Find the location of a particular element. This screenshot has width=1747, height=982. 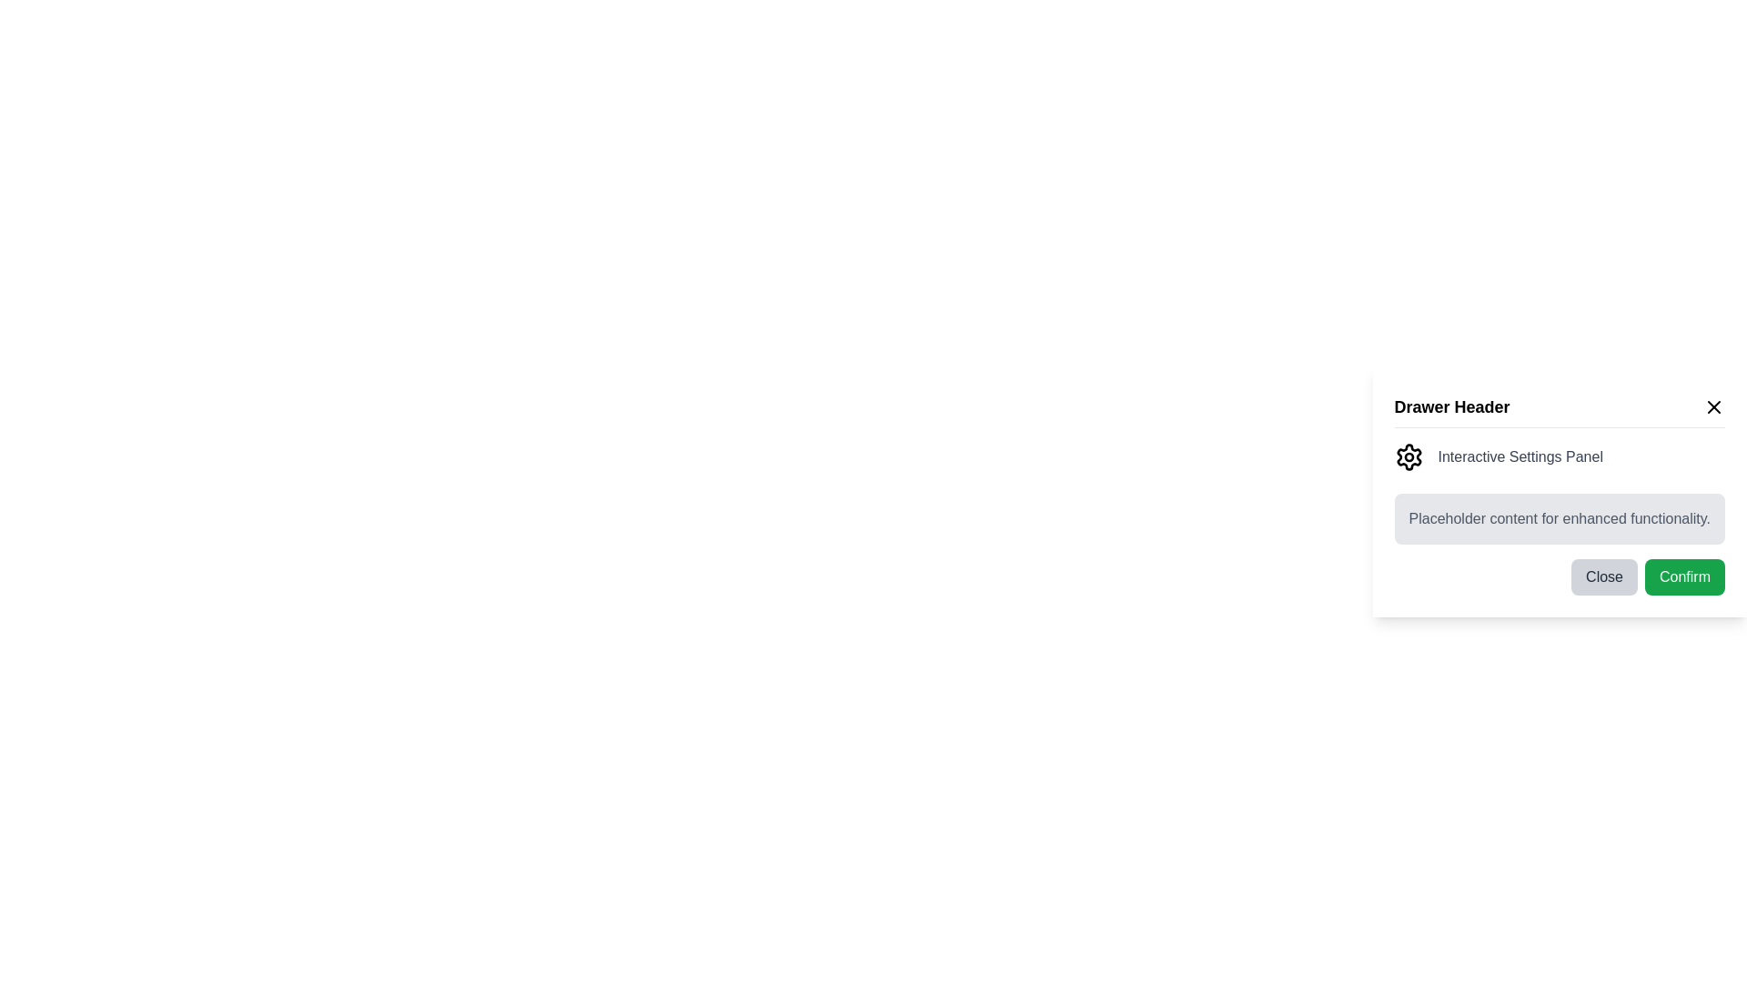

the close button located in the lower right corner of the panel, which is the leftmost button in a group of two buttons is located at coordinates (1604, 576).